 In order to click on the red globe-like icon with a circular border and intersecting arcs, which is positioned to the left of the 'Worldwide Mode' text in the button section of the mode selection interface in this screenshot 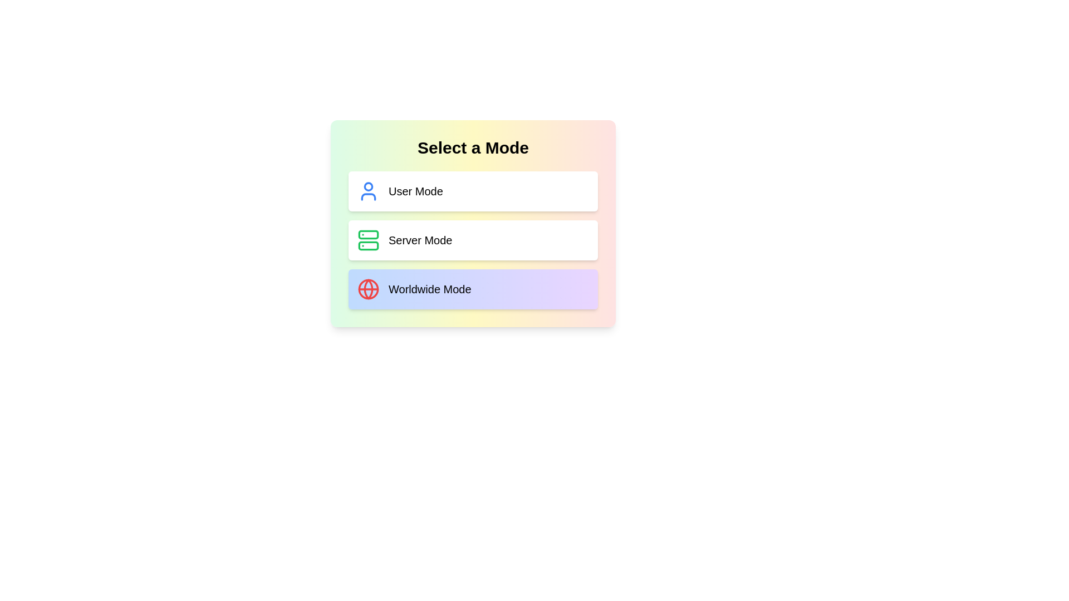, I will do `click(369, 289)`.